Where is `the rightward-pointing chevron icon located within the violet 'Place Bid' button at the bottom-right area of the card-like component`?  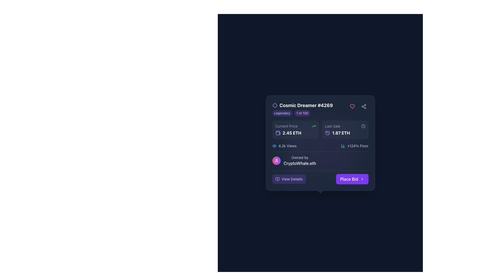 the rightward-pointing chevron icon located within the violet 'Place Bid' button at the bottom-right area of the card-like component is located at coordinates (362, 179).